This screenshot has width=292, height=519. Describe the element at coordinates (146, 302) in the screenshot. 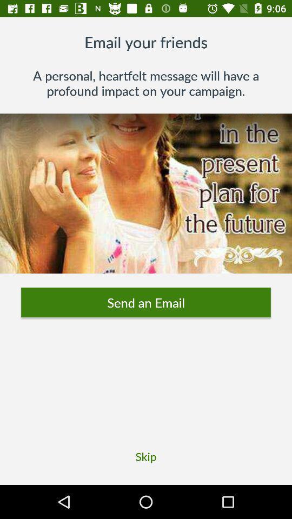

I see `the icon above the skip` at that location.